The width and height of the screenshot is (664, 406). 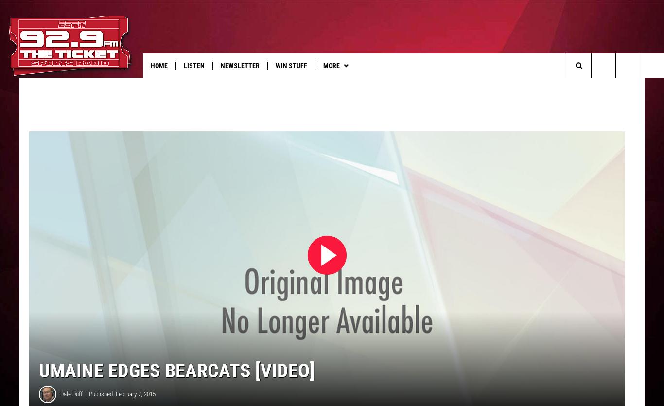 What do you see at coordinates (507, 86) in the screenshot?
I see `'Sox'` at bounding box center [507, 86].